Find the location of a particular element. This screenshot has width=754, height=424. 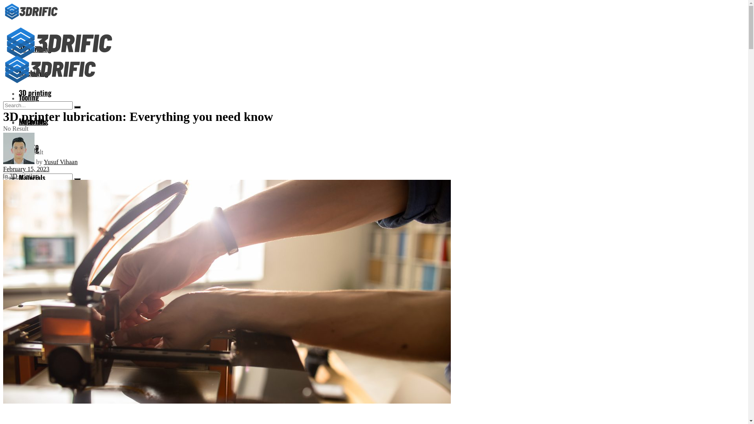

'Materials' is located at coordinates (31, 177).